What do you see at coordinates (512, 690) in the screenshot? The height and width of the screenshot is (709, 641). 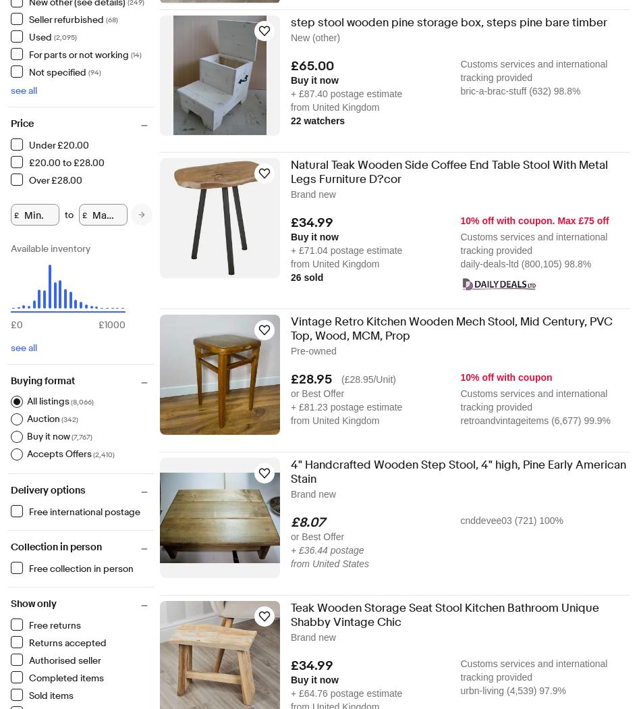 I see `'urbn-living (4,539) 97.9%'` at bounding box center [512, 690].